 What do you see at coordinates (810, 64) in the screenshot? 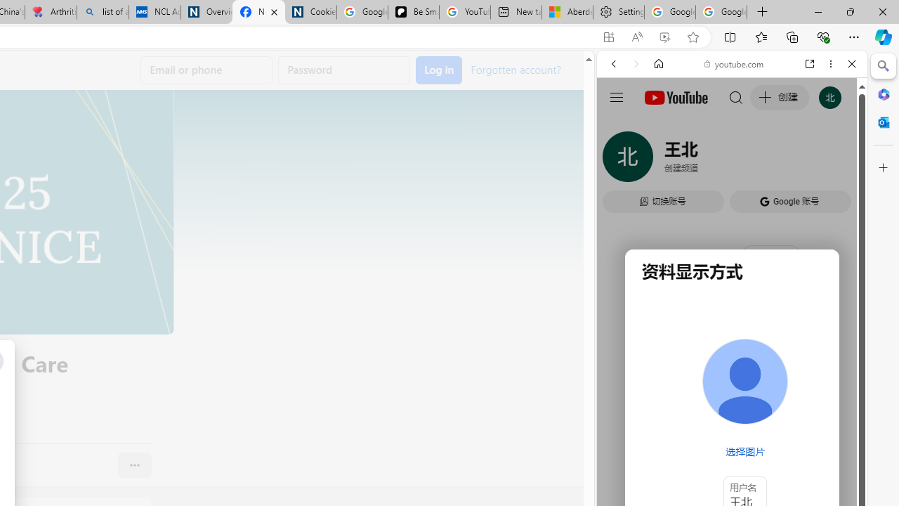
I see `'Open link in new tab'` at bounding box center [810, 64].